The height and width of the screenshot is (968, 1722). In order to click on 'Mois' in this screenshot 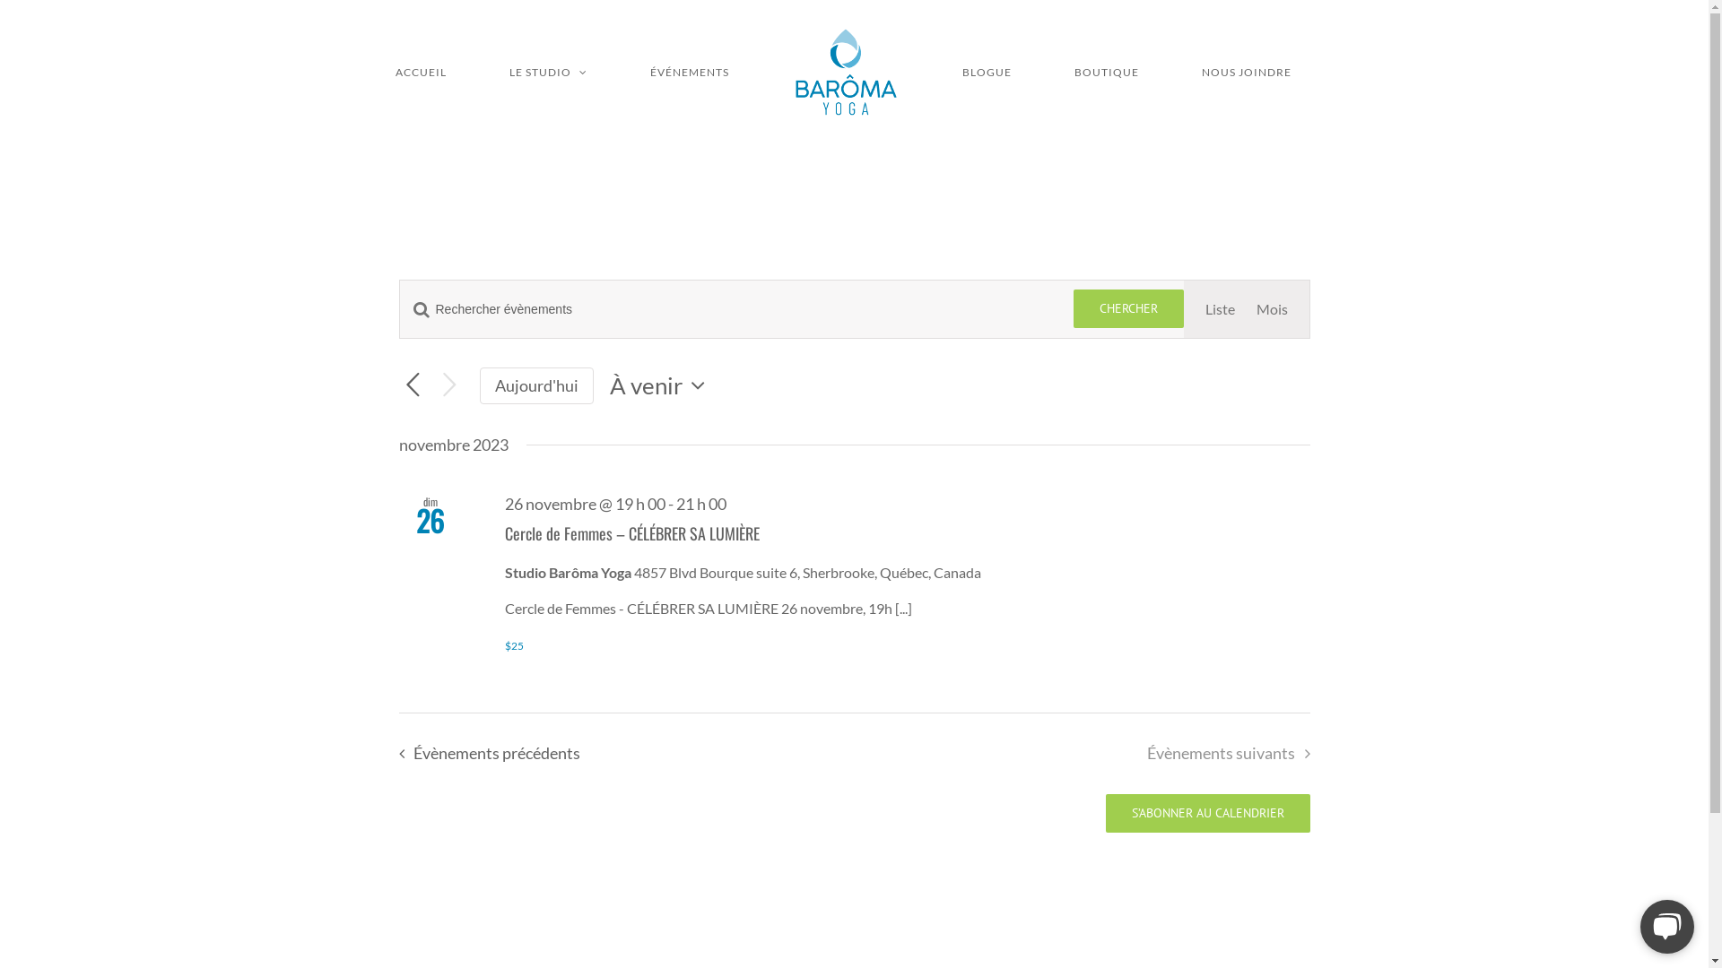, I will do `click(1270, 307)`.